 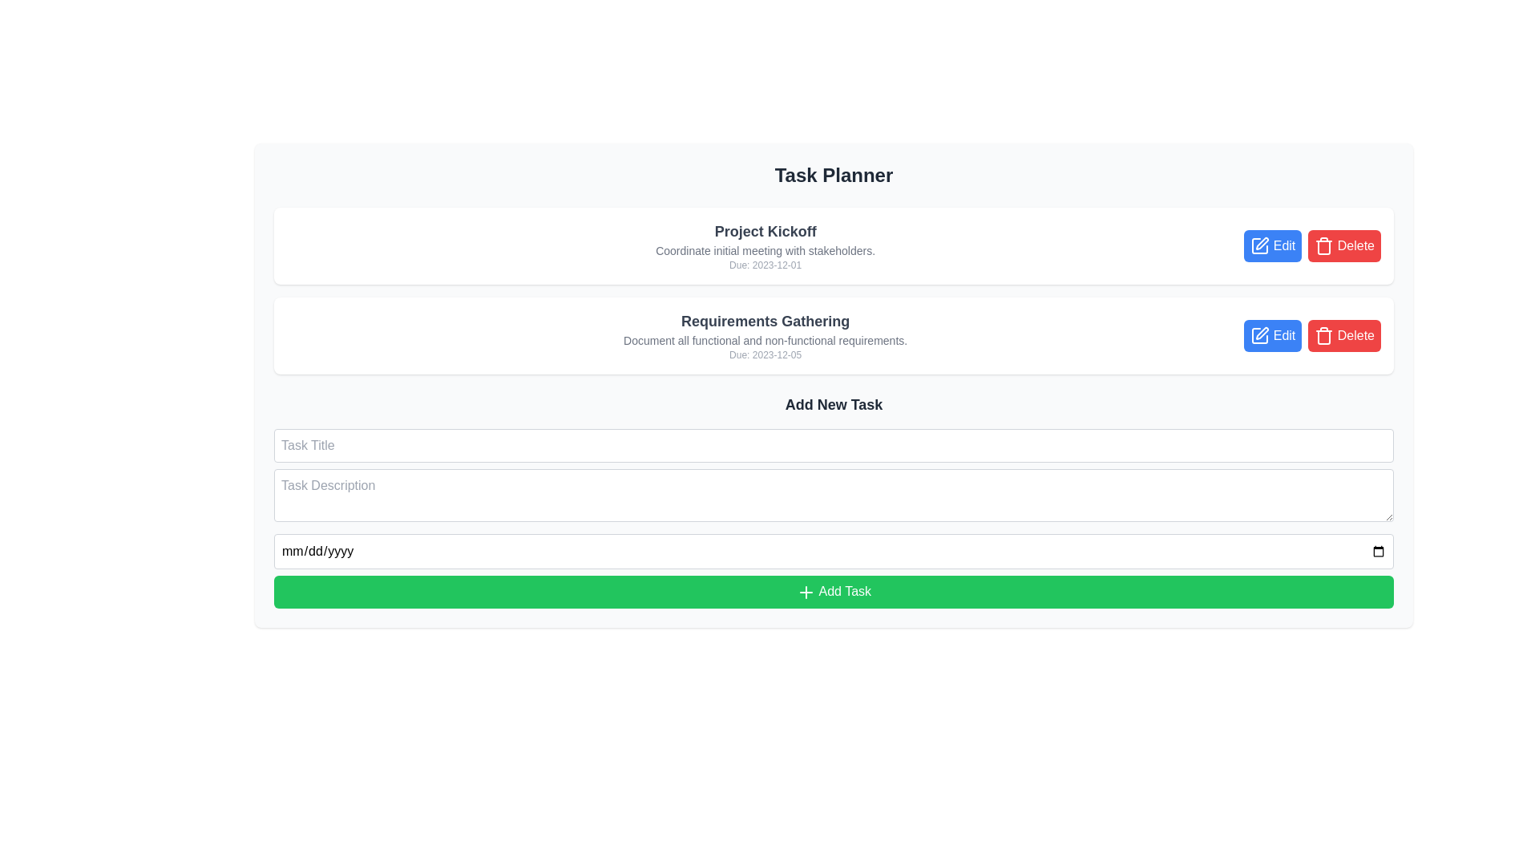 What do you see at coordinates (765, 354) in the screenshot?
I see `the text label displaying 'Due: 2023-12-05' located at the bottom of the task card titled 'Requirements Gathering'` at bounding box center [765, 354].